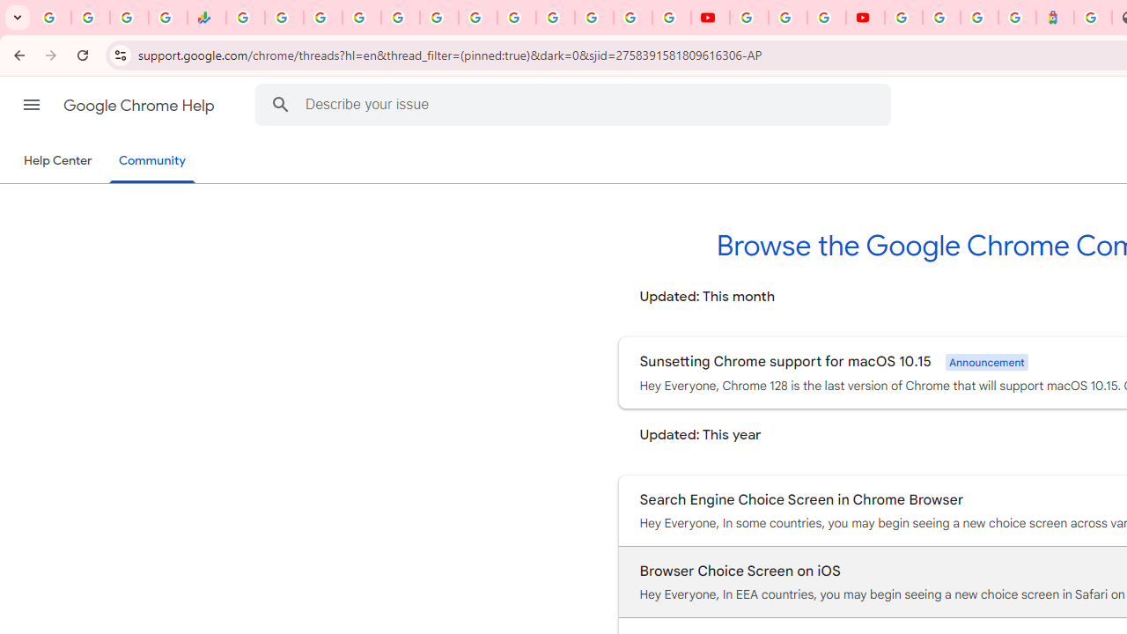 The height and width of the screenshot is (634, 1127). What do you see at coordinates (786, 18) in the screenshot?
I see `'Google Account Help'` at bounding box center [786, 18].